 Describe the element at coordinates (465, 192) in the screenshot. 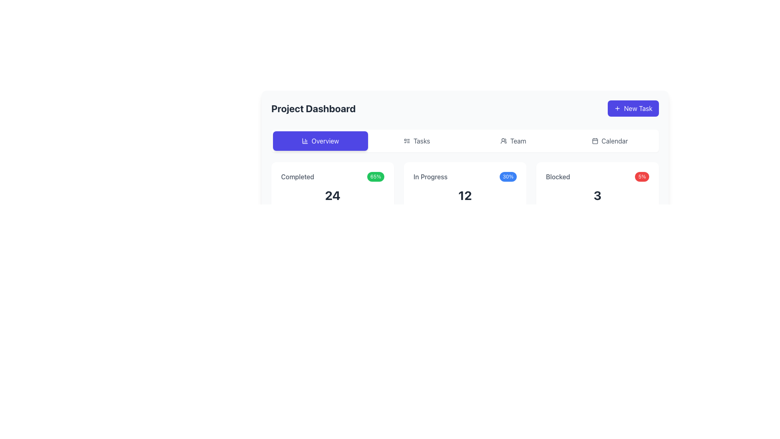

I see `the Informational Card that provides details about the ongoing progress of tasks, positioned as the second card in a row of three, between the 'Completed' and 'Blocked' cards` at that location.